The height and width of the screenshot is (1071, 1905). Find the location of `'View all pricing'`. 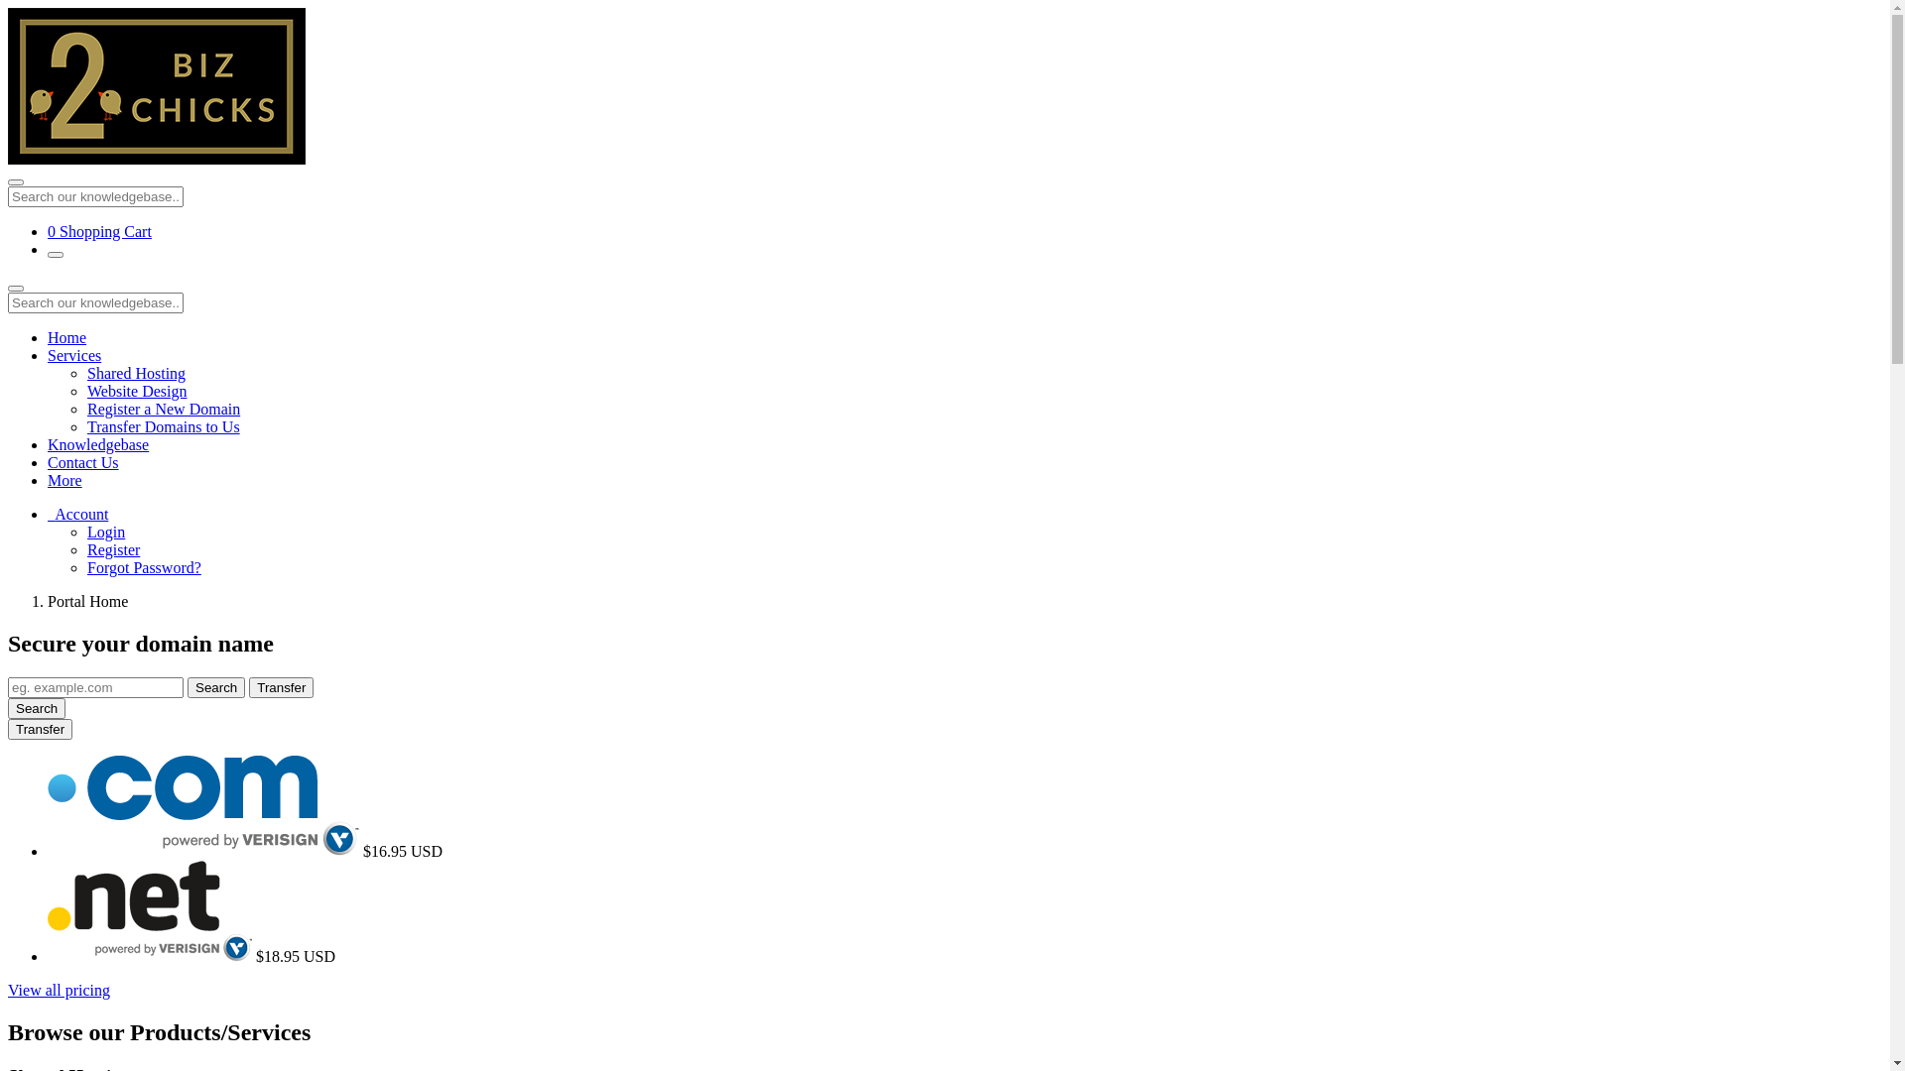

'View all pricing' is located at coordinates (8, 990).